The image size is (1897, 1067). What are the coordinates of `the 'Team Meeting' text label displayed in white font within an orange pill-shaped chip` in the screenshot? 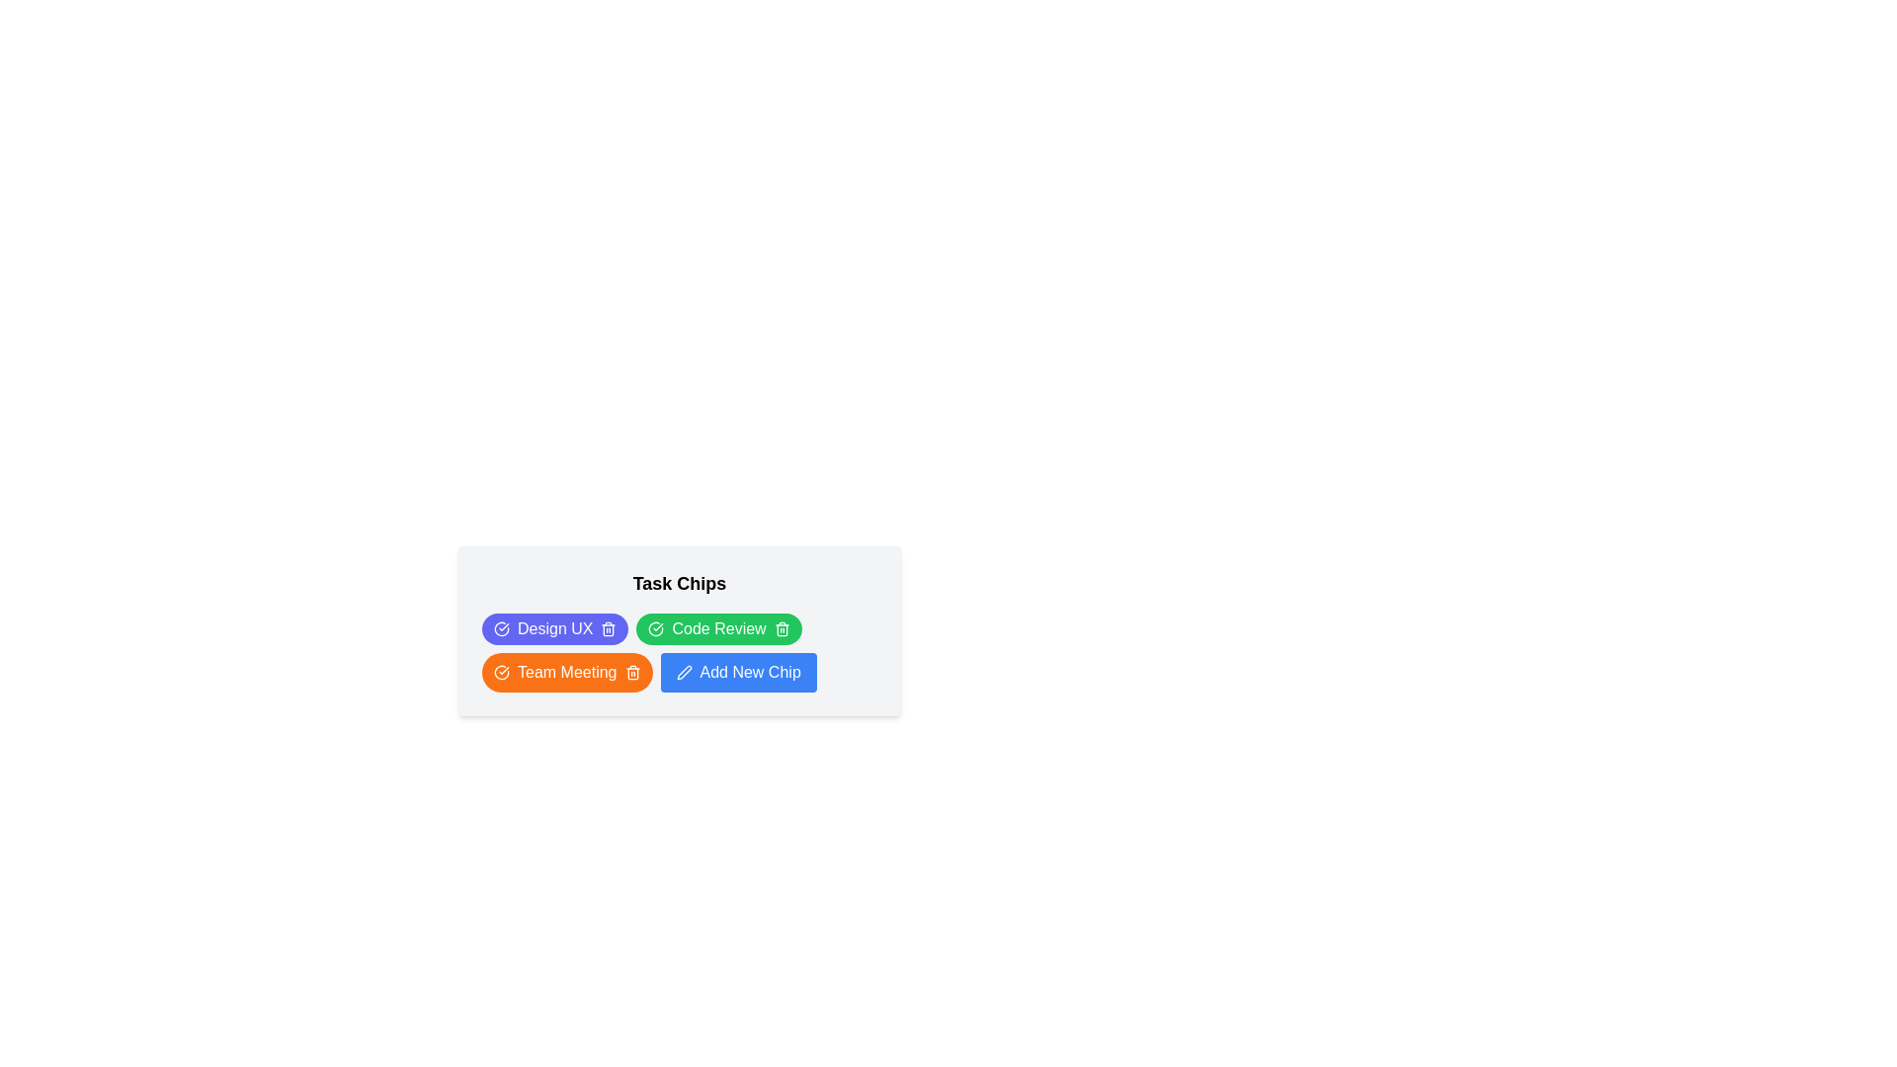 It's located at (566, 672).